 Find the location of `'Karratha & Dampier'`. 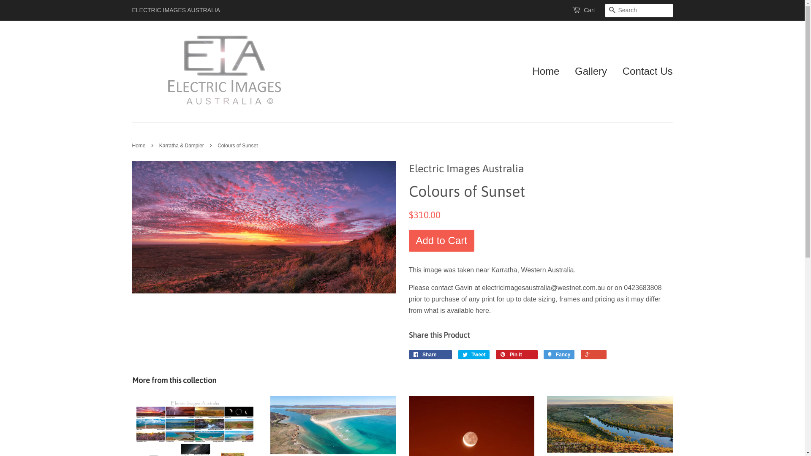

'Karratha & Dampier' is located at coordinates (182, 145).